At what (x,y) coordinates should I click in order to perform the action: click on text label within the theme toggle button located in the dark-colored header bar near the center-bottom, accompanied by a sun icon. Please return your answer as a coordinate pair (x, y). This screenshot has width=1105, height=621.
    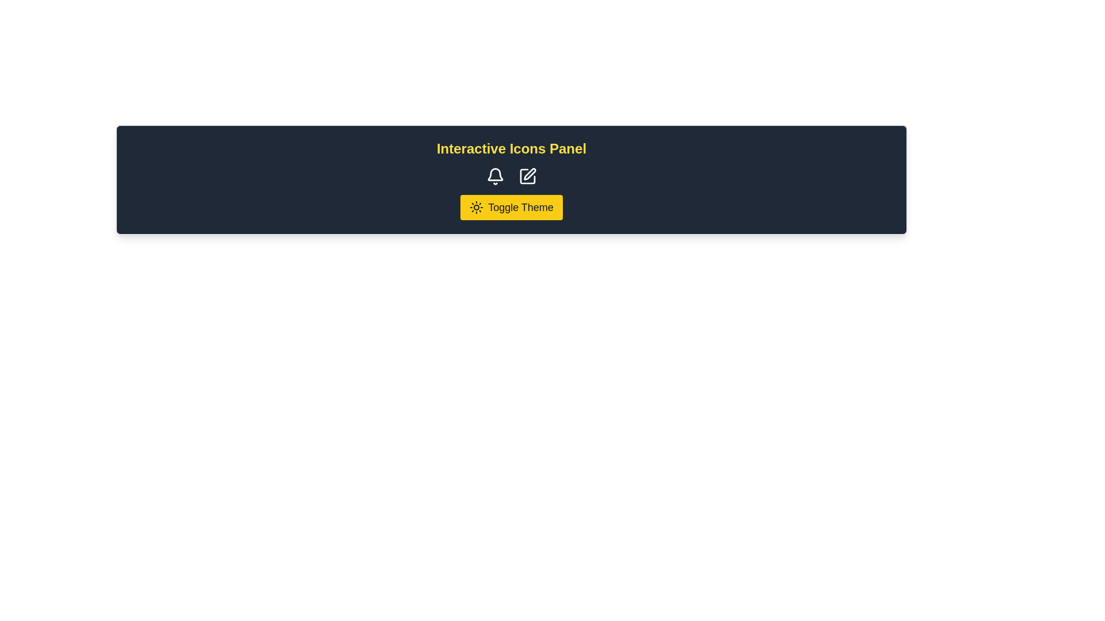
    Looking at the image, I should click on (520, 208).